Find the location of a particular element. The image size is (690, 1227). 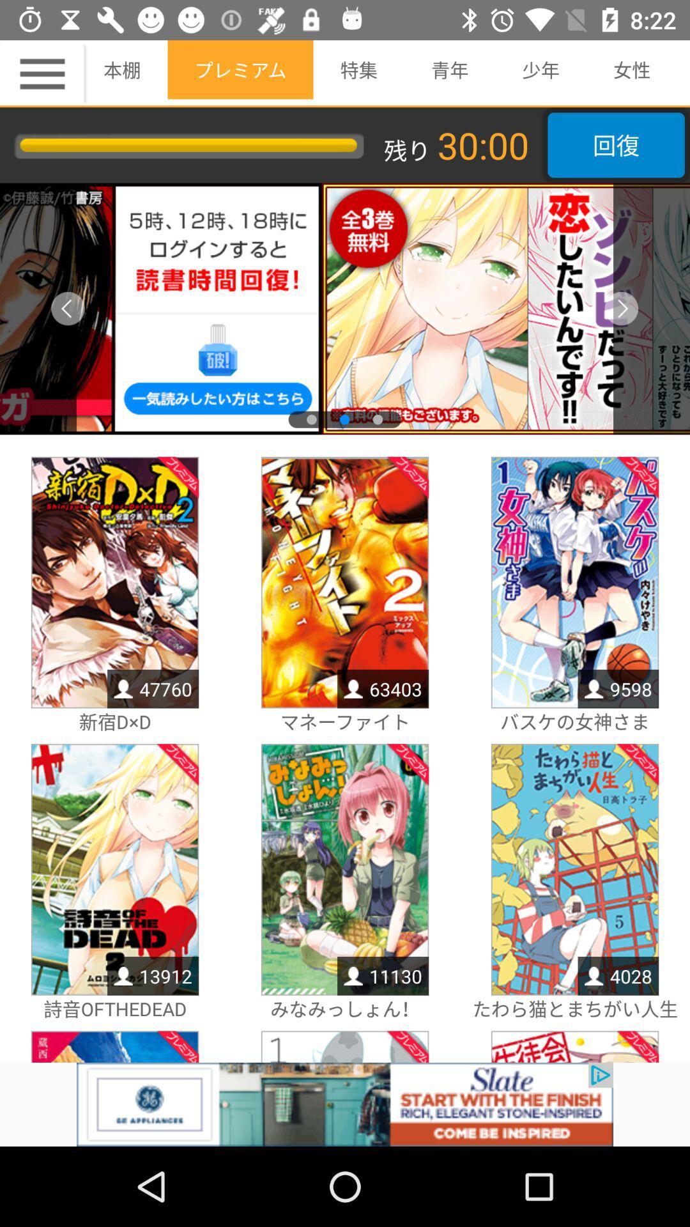

the menu icon is located at coordinates (43, 73).